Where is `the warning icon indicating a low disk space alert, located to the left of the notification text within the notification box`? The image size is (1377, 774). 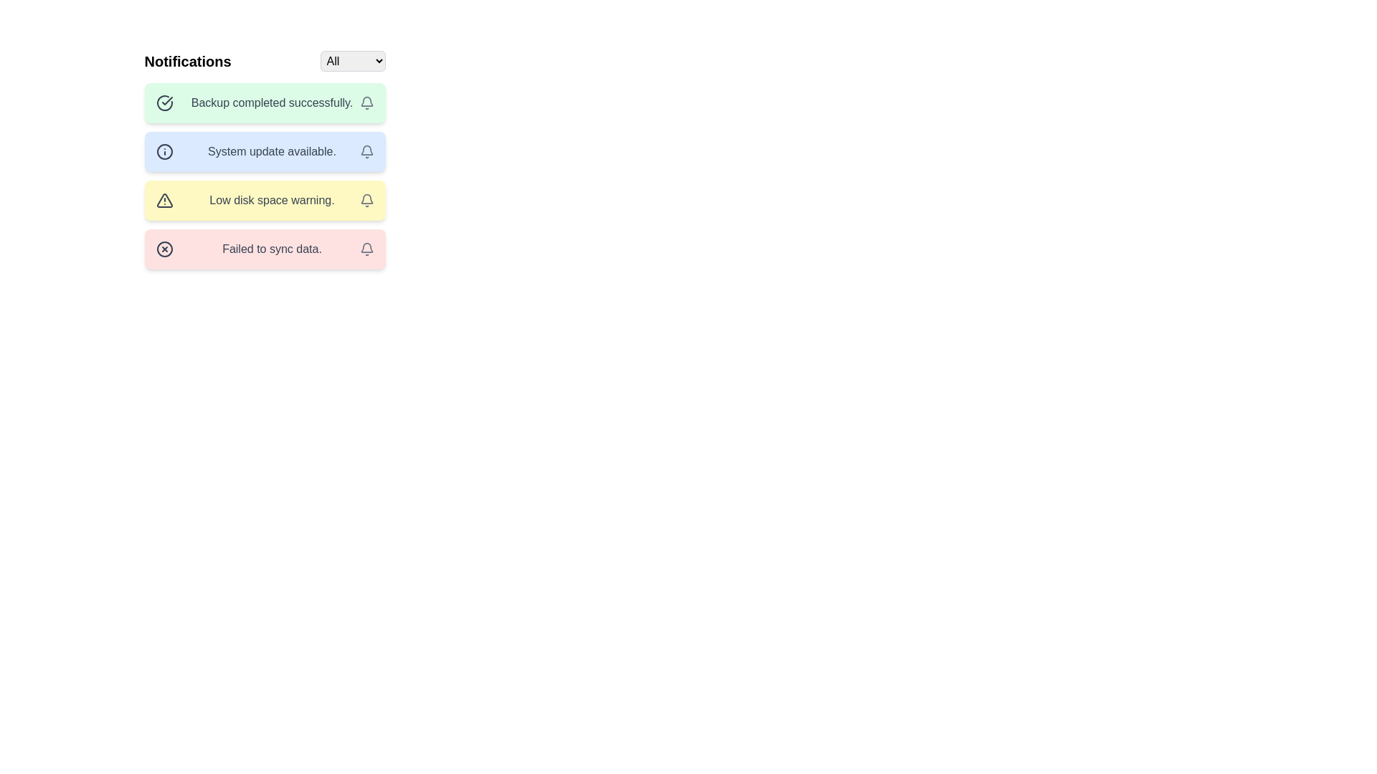
the warning icon indicating a low disk space alert, located to the left of the notification text within the notification box is located at coordinates (164, 201).